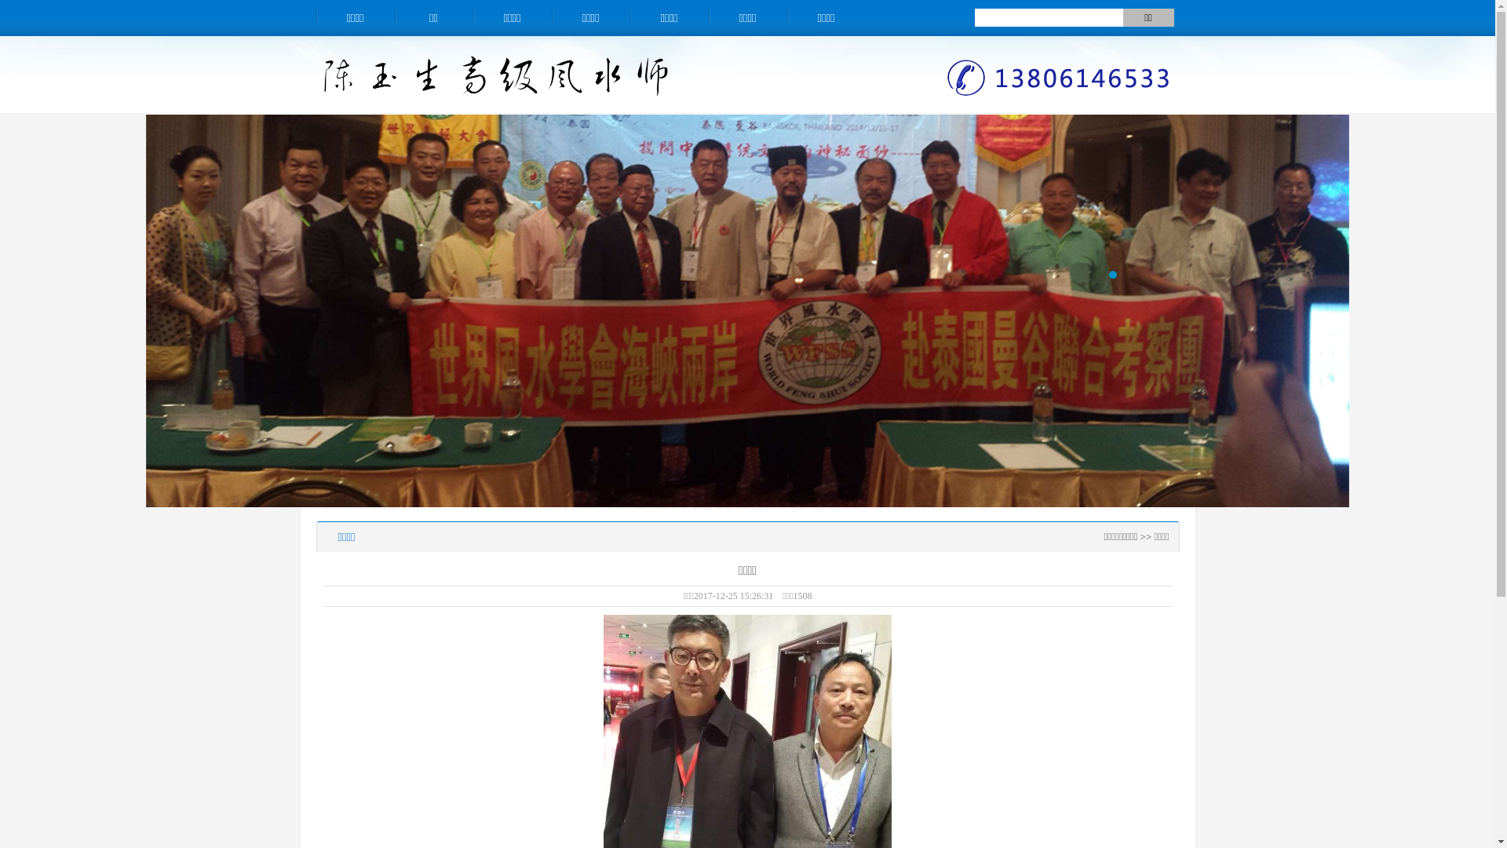 The image size is (1507, 848). I want to click on '1', so click(1107, 274).